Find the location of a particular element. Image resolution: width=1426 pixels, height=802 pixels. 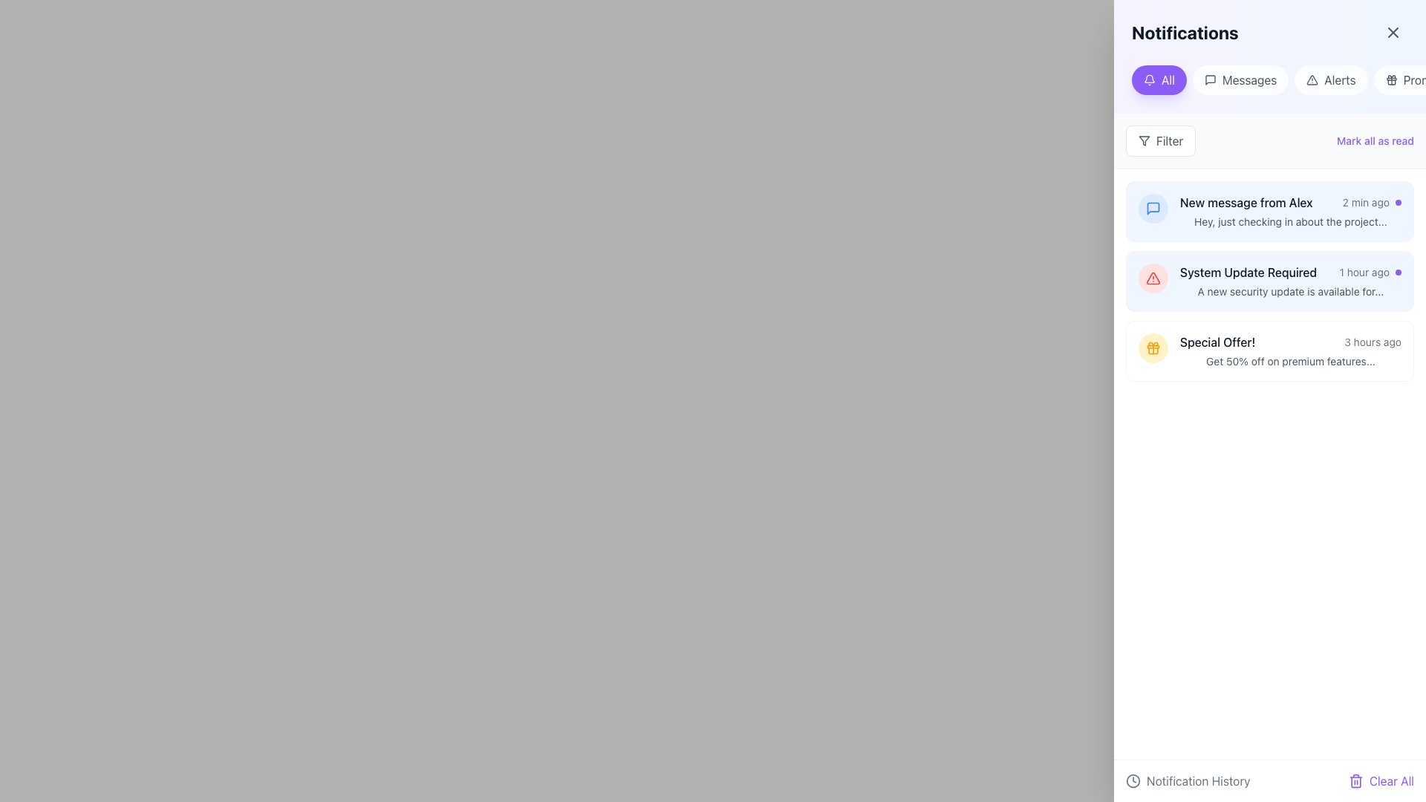

the circular button with a pin icon located in the notification area next to 'New message from Alex' to pin the notification is located at coordinates (1359, 212).